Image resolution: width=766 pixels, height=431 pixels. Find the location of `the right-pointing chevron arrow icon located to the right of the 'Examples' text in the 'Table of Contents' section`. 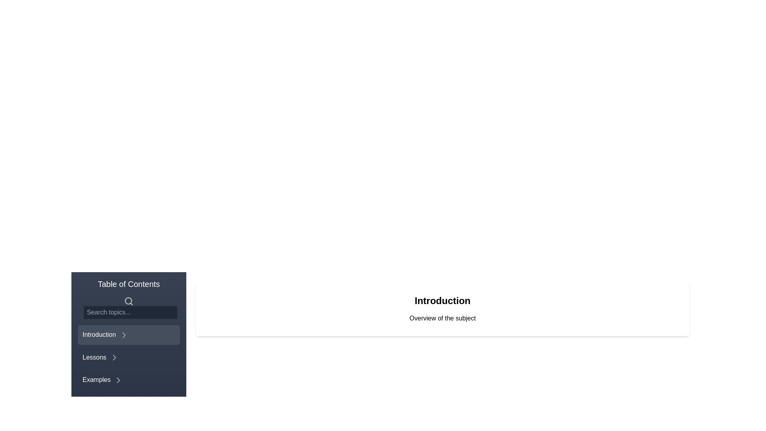

the right-pointing chevron arrow icon located to the right of the 'Examples' text in the 'Table of Contents' section is located at coordinates (118, 380).